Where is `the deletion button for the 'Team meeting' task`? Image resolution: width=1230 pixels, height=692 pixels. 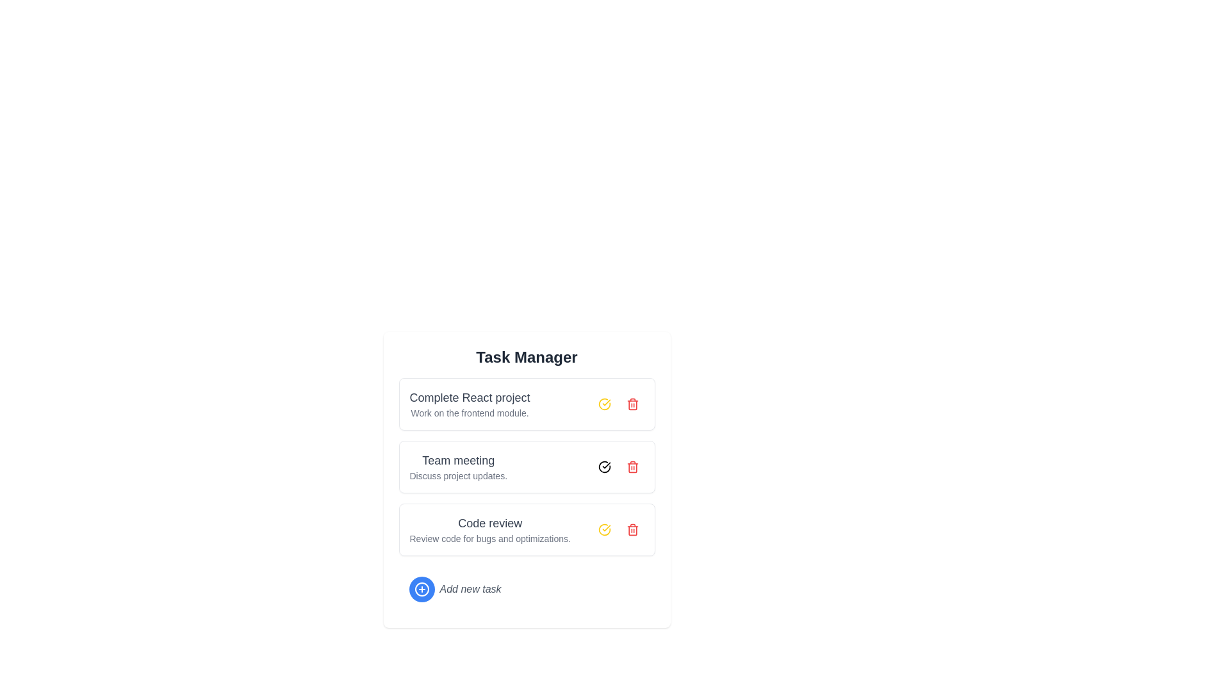 the deletion button for the 'Team meeting' task is located at coordinates (632, 467).